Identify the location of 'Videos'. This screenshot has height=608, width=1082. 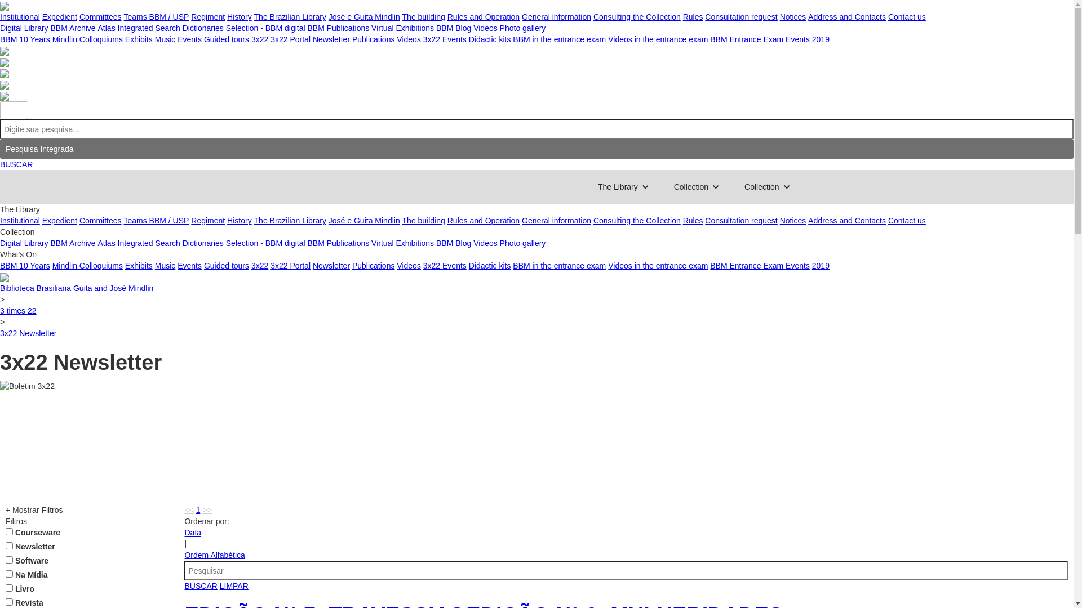
(485, 243).